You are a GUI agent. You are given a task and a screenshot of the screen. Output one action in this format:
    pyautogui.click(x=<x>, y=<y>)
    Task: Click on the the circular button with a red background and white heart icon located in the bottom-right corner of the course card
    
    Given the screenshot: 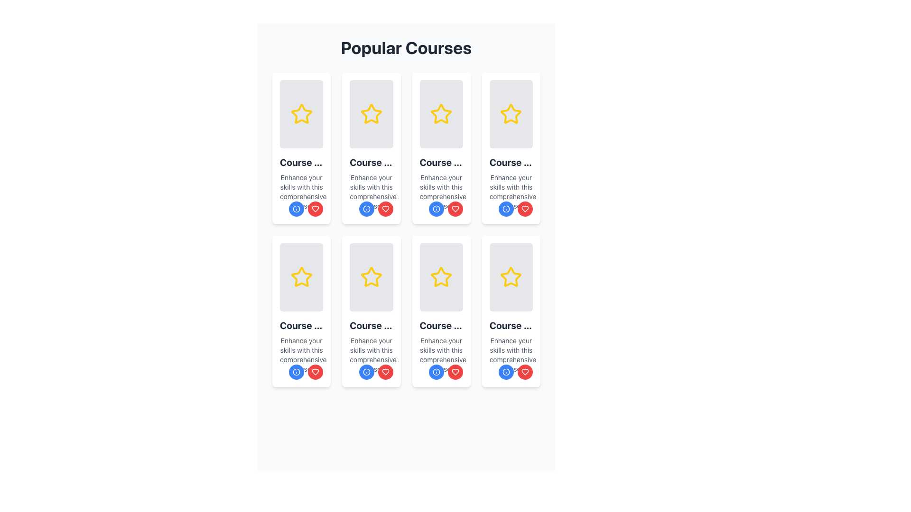 What is the action you would take?
    pyautogui.click(x=455, y=372)
    